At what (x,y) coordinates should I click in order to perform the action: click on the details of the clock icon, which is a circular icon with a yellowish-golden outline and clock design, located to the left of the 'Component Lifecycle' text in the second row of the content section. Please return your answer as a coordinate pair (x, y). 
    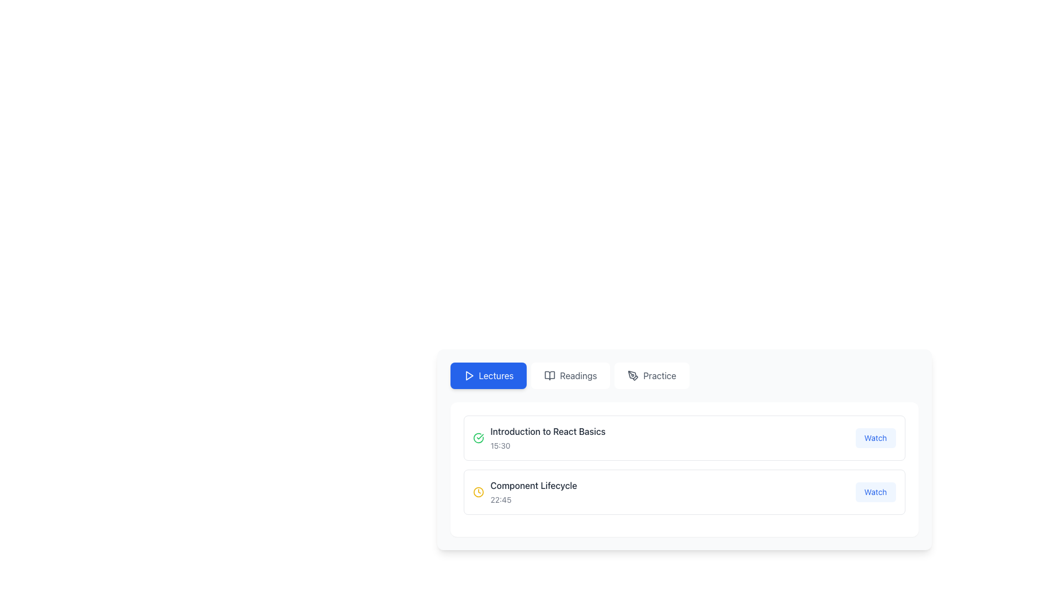
    Looking at the image, I should click on (478, 491).